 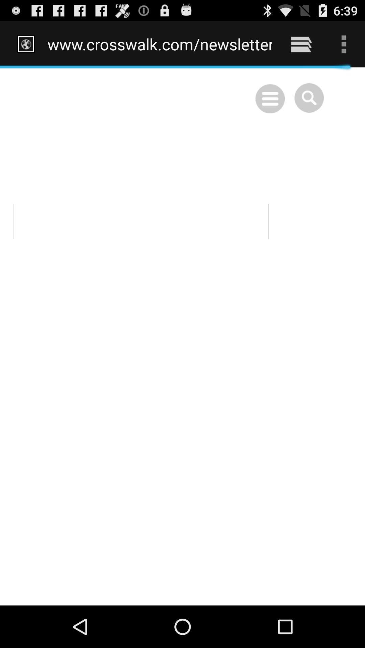 I want to click on item next to the www crosswalk com icon, so click(x=301, y=44).